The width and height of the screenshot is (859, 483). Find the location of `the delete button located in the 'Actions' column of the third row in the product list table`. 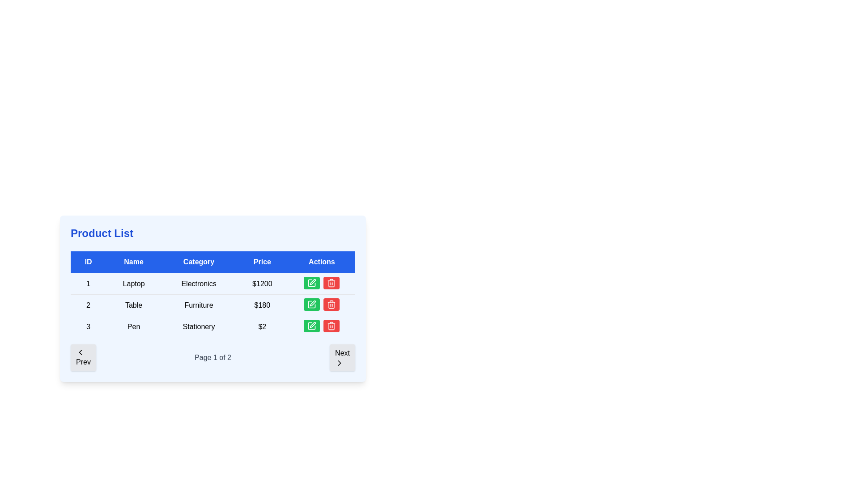

the delete button located in the 'Actions' column of the third row in the product list table is located at coordinates (331, 304).